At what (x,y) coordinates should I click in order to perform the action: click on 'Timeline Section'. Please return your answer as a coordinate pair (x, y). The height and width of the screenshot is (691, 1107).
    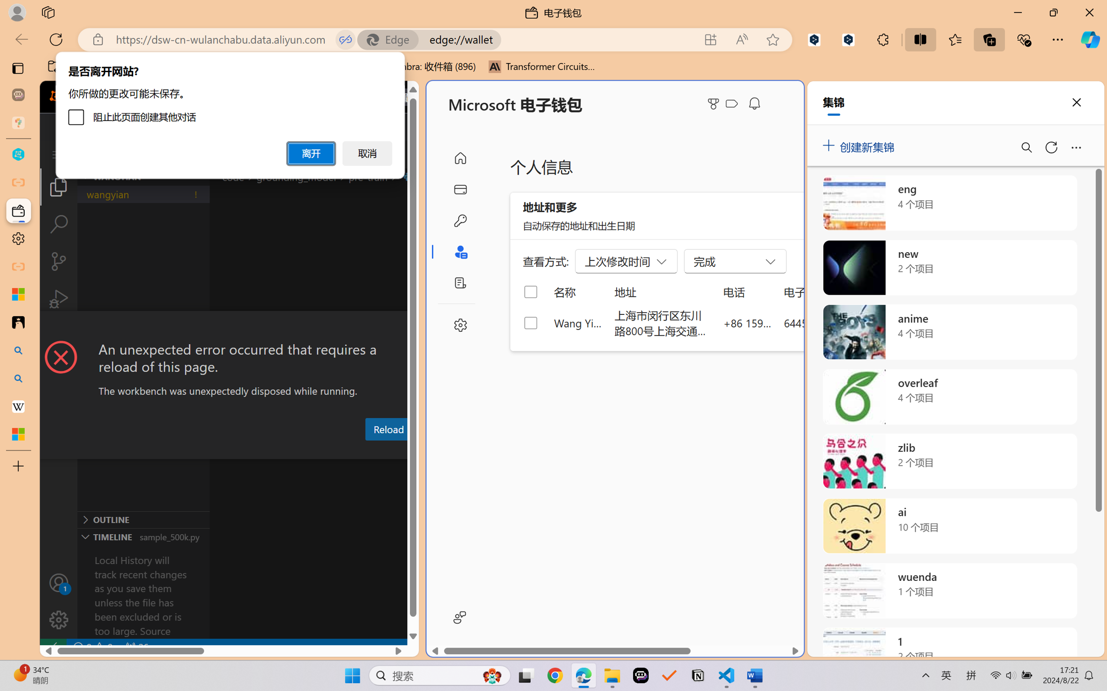
    Looking at the image, I should click on (143, 537).